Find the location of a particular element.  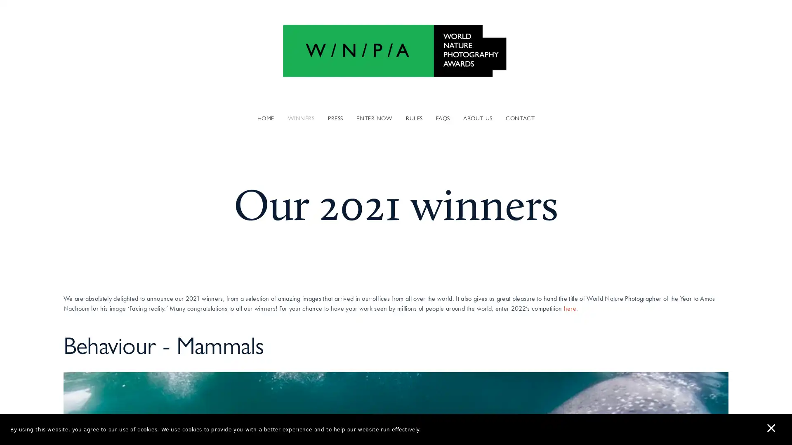

SUBSCRIBE is located at coordinates (473, 254).